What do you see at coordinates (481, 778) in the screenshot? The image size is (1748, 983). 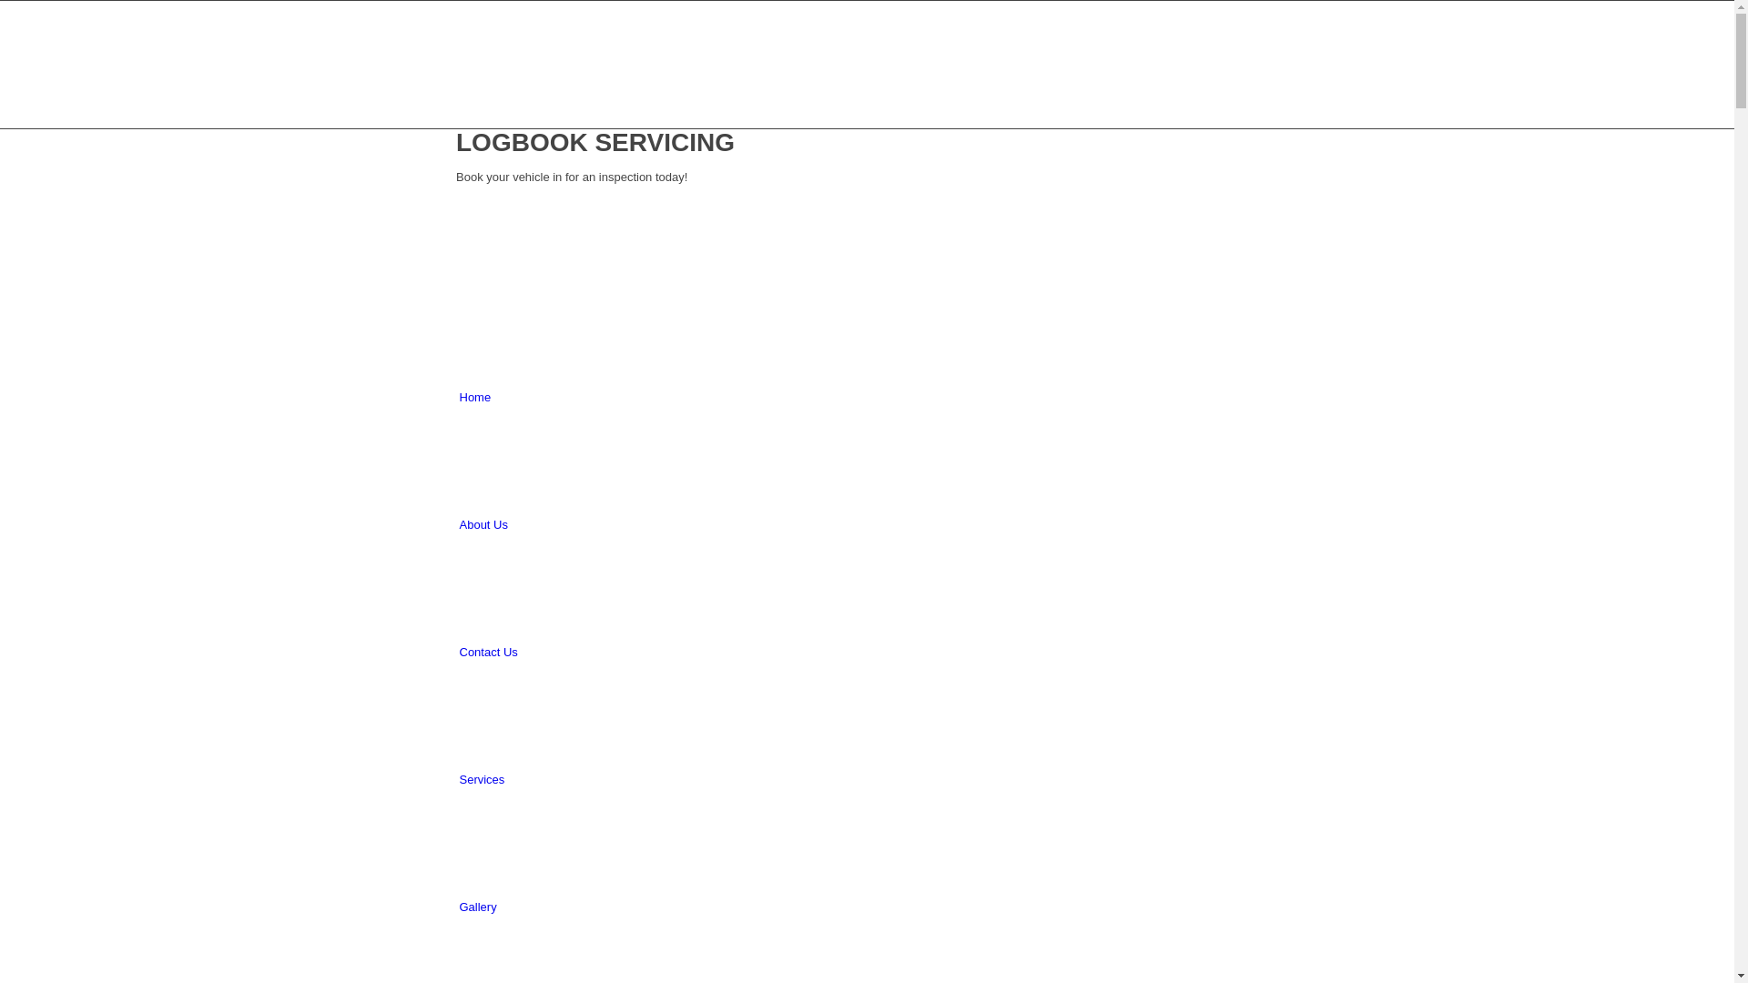 I see `'Services'` at bounding box center [481, 778].